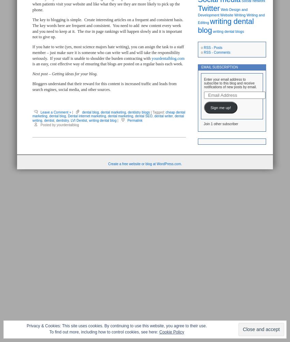 This screenshot has width=290, height=342. I want to click on 'Writing and Editing', so click(231, 19).